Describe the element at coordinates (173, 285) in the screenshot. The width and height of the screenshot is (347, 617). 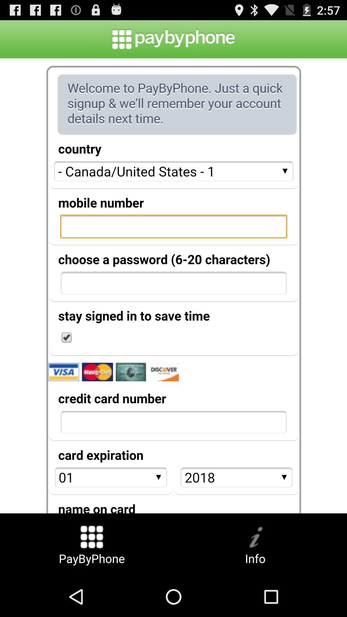
I see `sign up` at that location.